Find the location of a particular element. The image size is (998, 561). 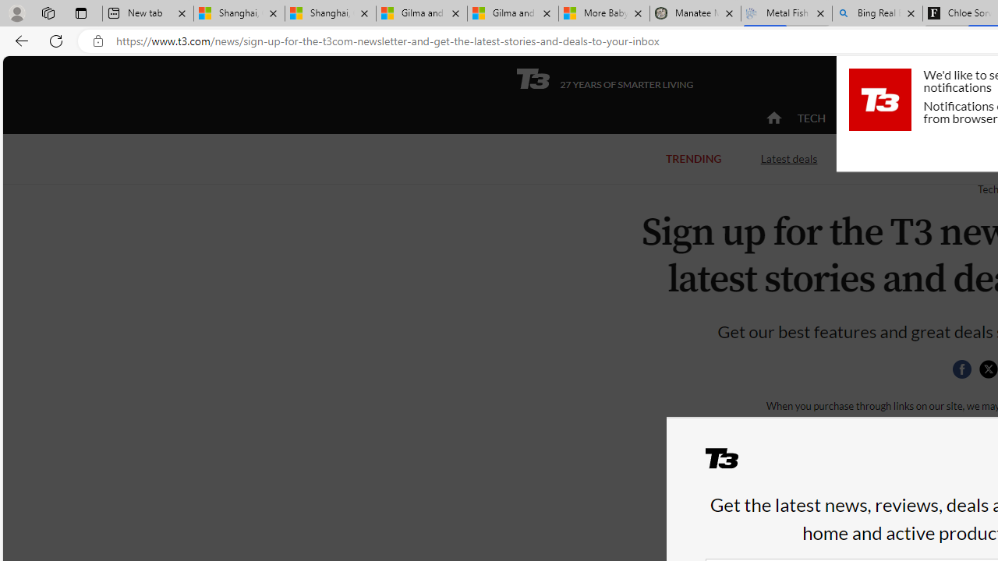

'T3 27 YEARS OF SMARTER LIVING' is located at coordinates (603, 79).